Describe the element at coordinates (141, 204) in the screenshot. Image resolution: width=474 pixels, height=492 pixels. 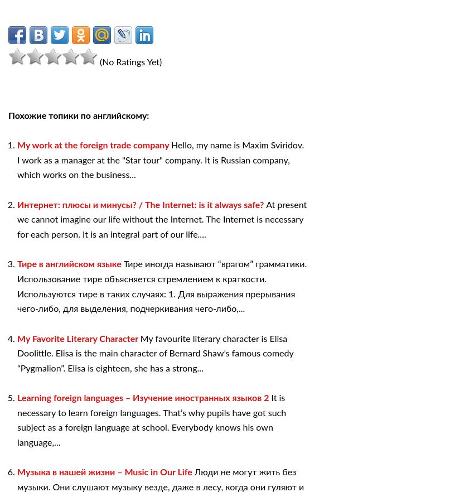
I see `'Интернет: плюсы и минусы? / The Internet: is it always safe?'` at that location.